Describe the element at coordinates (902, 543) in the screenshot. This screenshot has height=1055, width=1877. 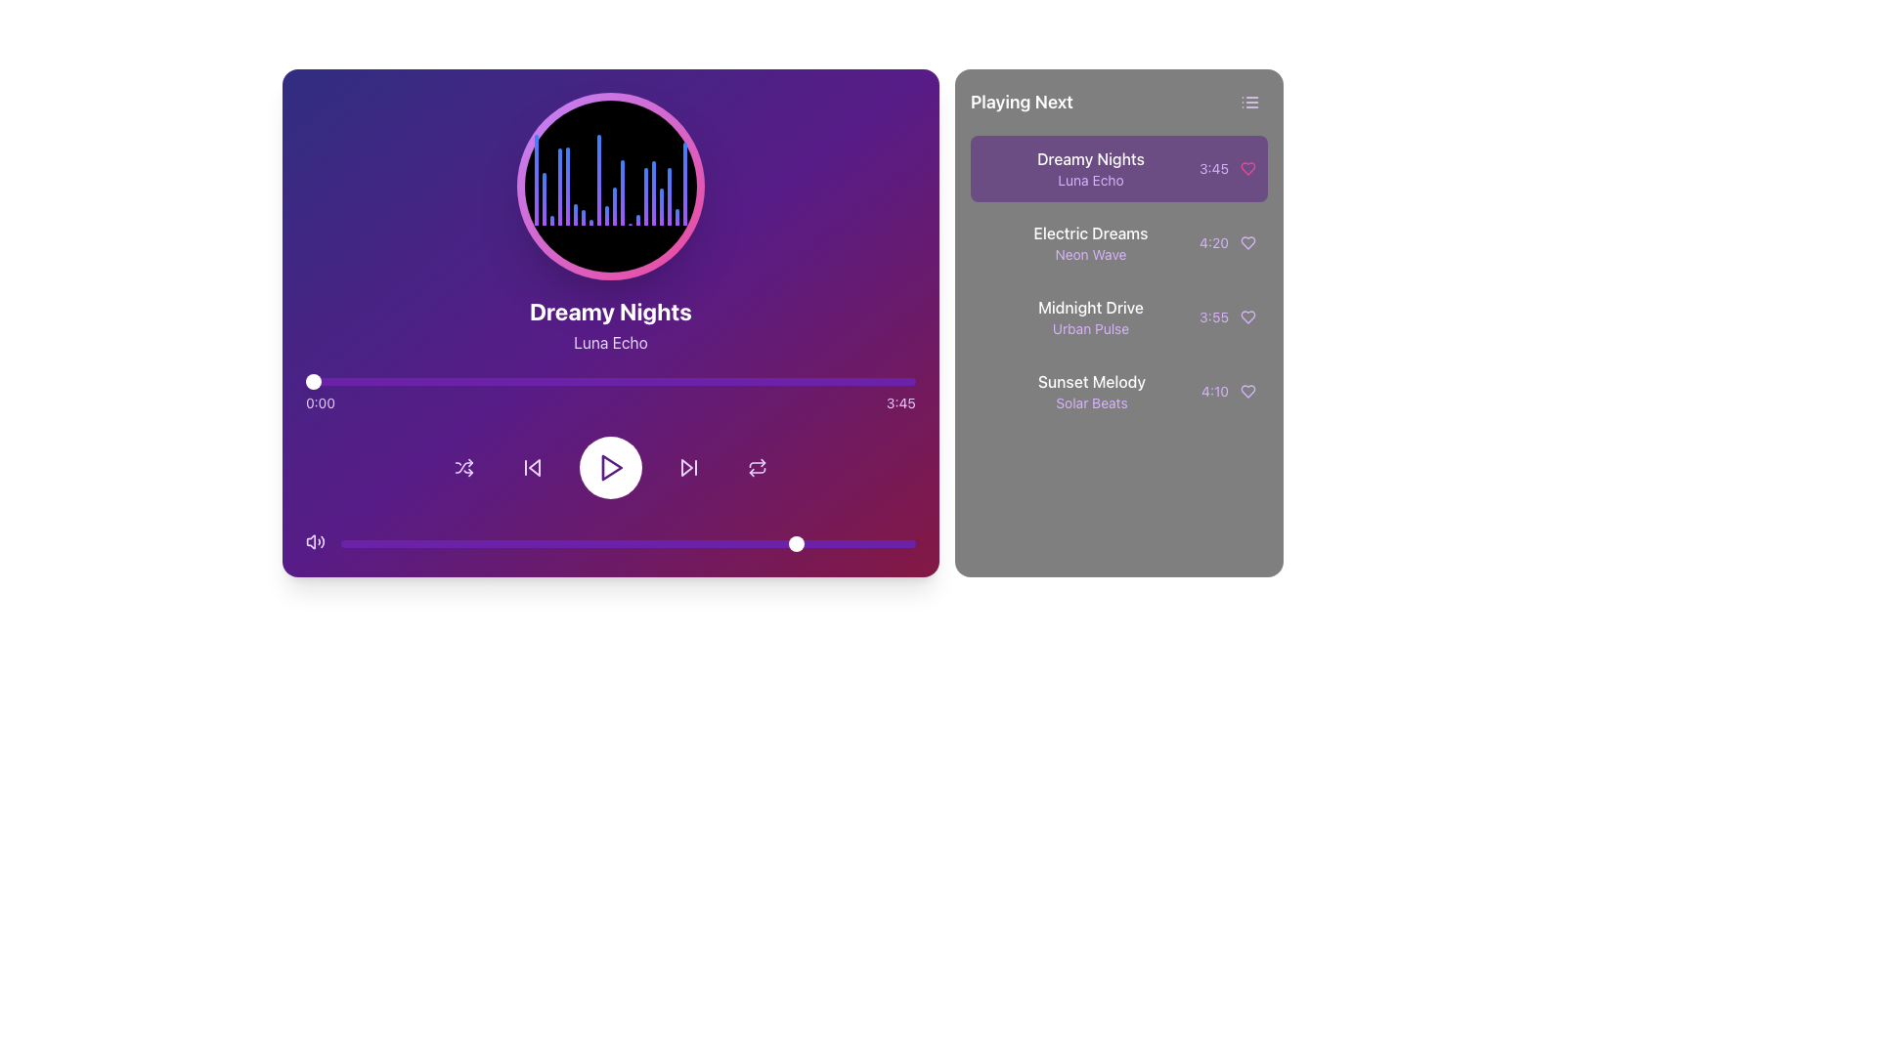
I see `slider value` at that location.